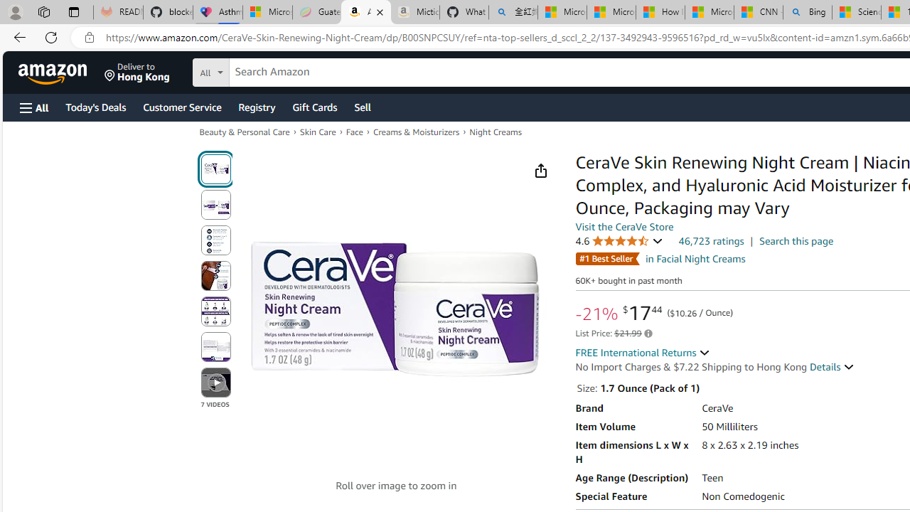  What do you see at coordinates (796, 240) in the screenshot?
I see `'Search this page'` at bounding box center [796, 240].